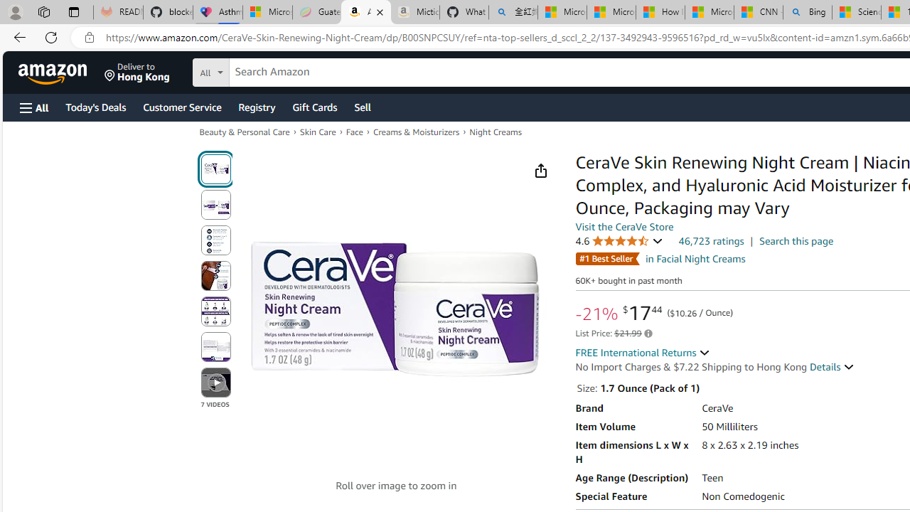  What do you see at coordinates (796, 240) in the screenshot?
I see `'Search this page'` at bounding box center [796, 240].